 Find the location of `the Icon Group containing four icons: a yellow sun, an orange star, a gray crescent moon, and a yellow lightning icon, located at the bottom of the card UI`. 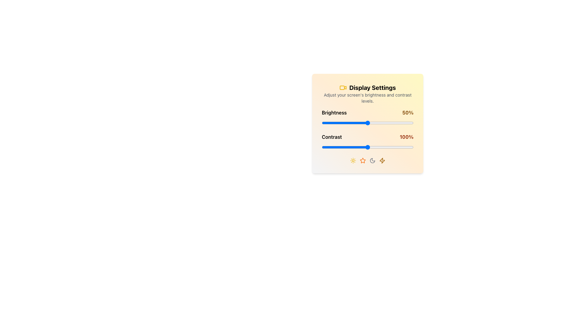

the Icon Group containing four icons: a yellow sun, an orange star, a gray crescent moon, and a yellow lightning icon, located at the bottom of the card UI is located at coordinates (367, 160).